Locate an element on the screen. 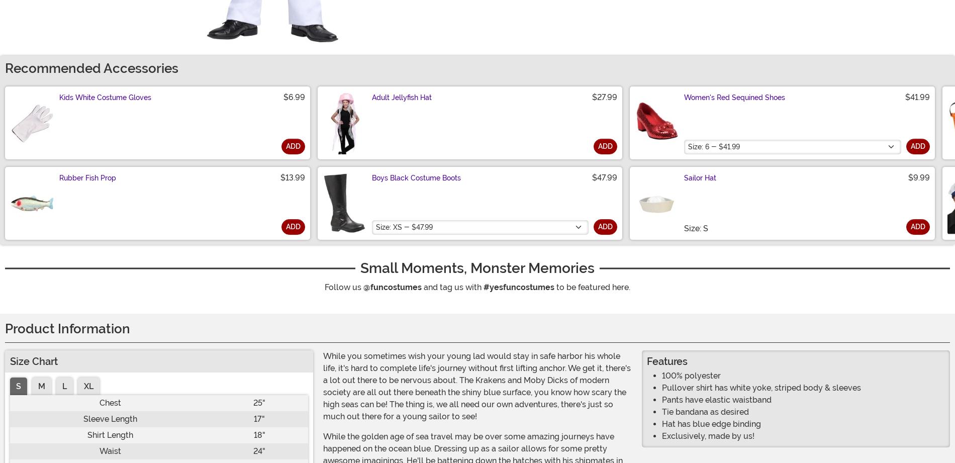  'My Account' is located at coordinates (239, 421).